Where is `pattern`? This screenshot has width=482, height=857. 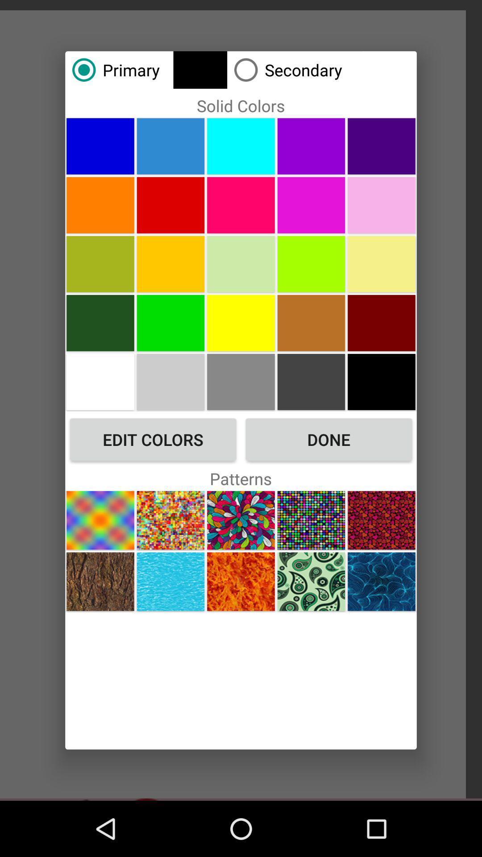
pattern is located at coordinates (382, 520).